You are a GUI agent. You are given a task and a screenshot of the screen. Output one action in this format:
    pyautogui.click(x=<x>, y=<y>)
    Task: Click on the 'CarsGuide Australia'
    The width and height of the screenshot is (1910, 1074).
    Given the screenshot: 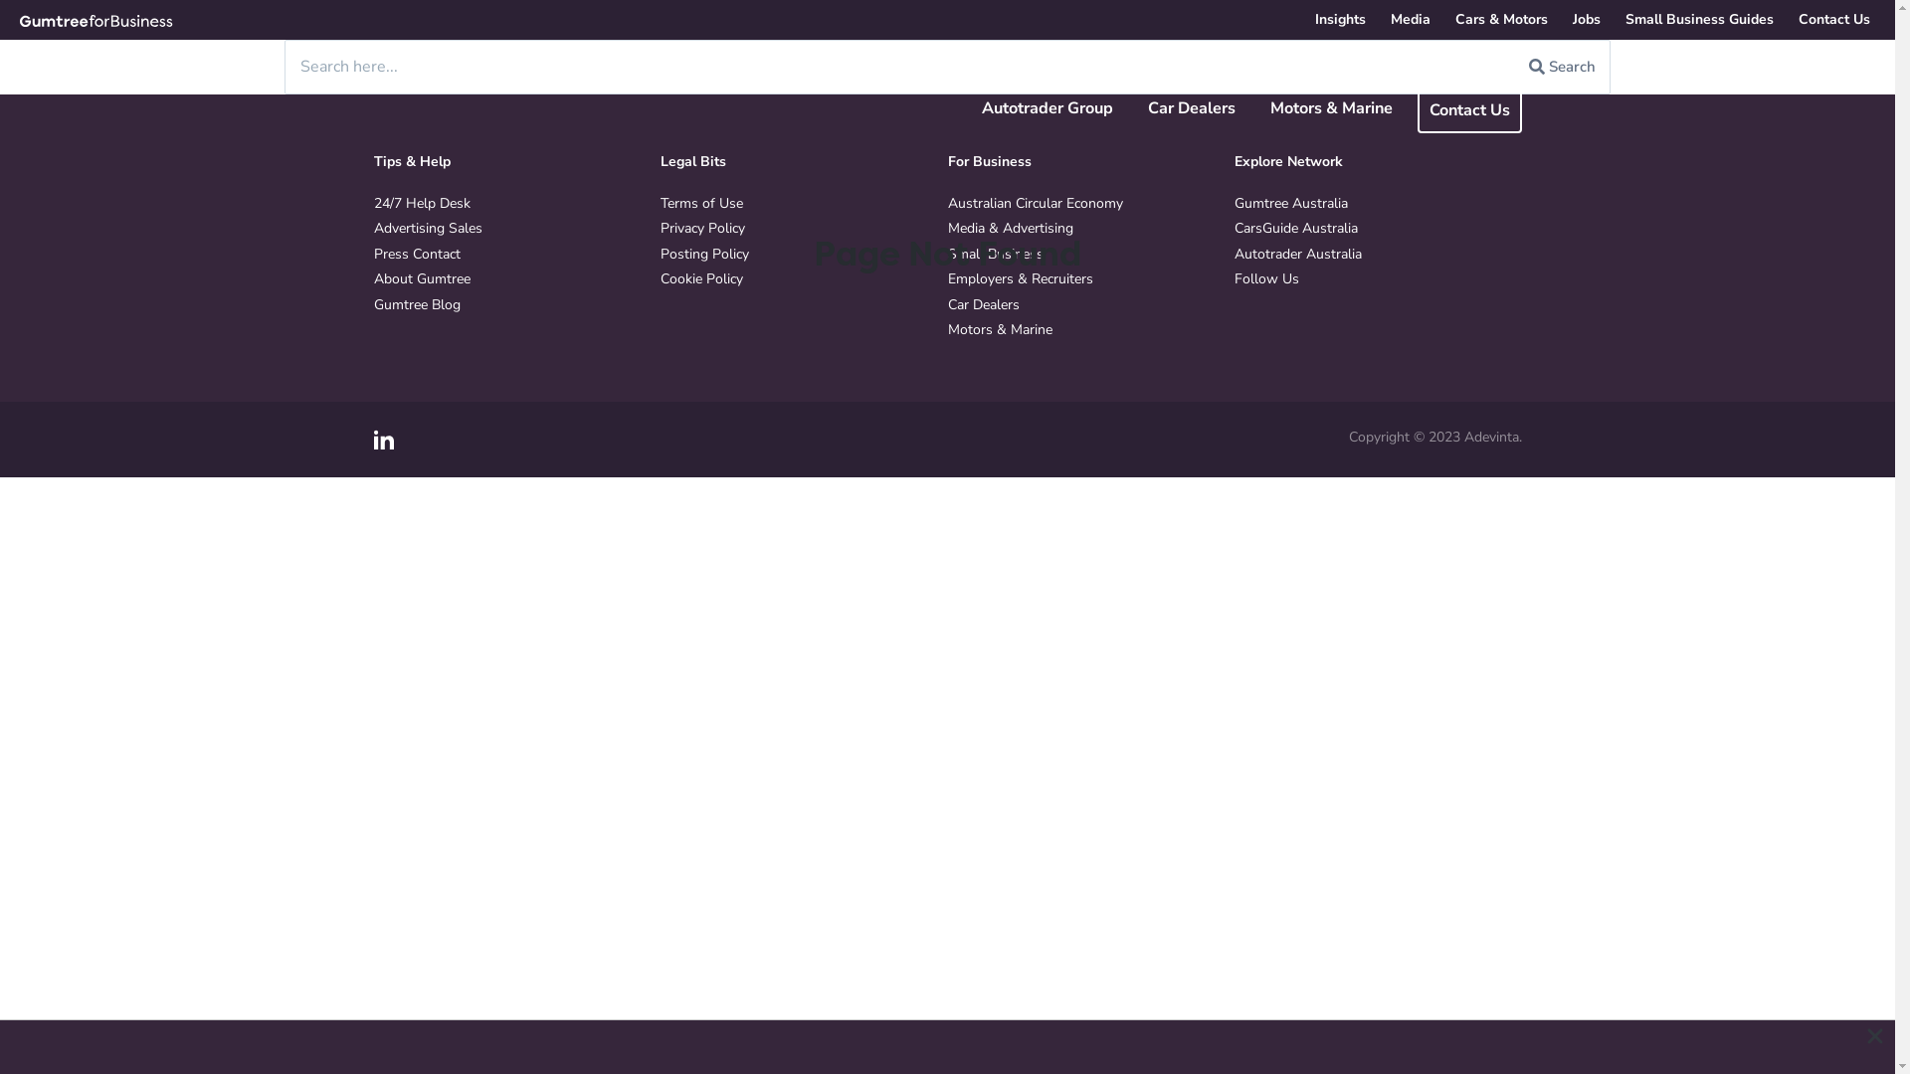 What is the action you would take?
    pyautogui.click(x=1295, y=227)
    